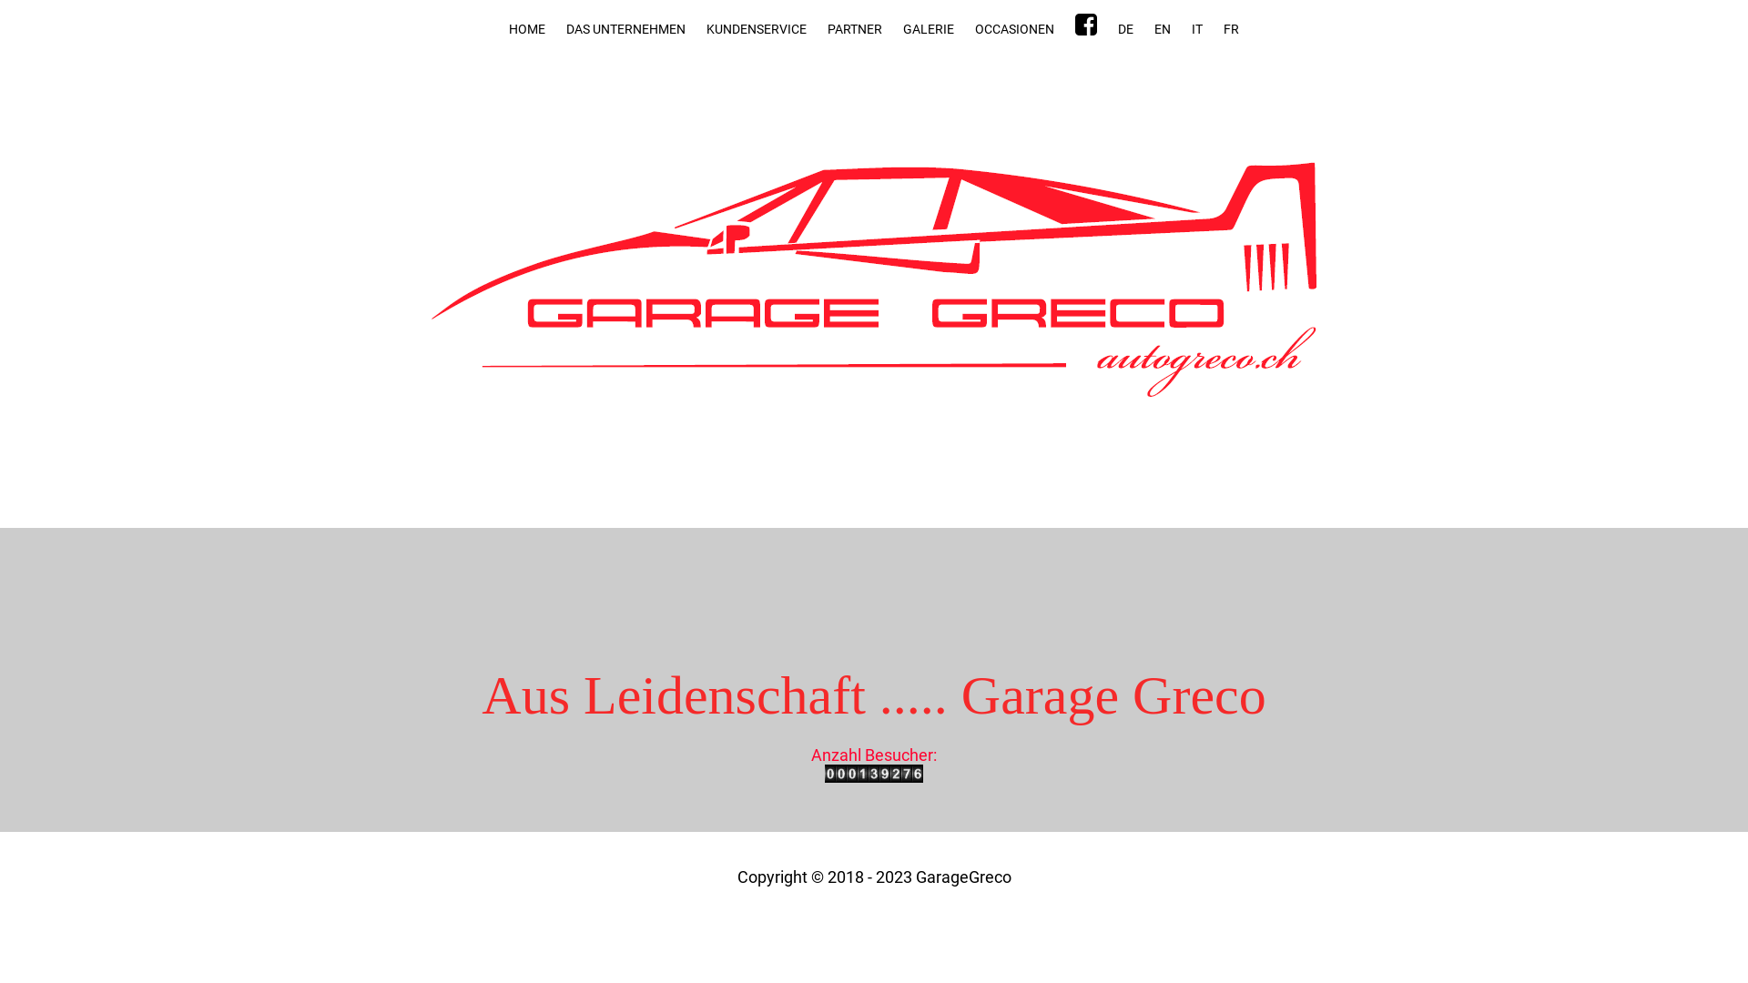 The height and width of the screenshot is (983, 1748). I want to click on 'DE', so click(1124, 28).